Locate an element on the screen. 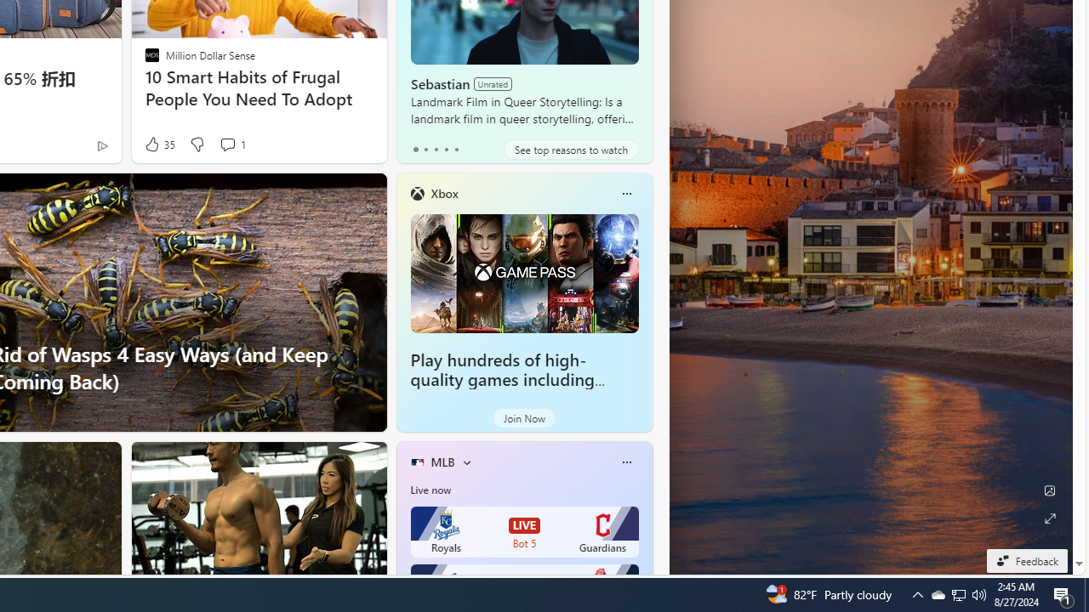 The image size is (1089, 612). 'More interests' is located at coordinates (466, 462).